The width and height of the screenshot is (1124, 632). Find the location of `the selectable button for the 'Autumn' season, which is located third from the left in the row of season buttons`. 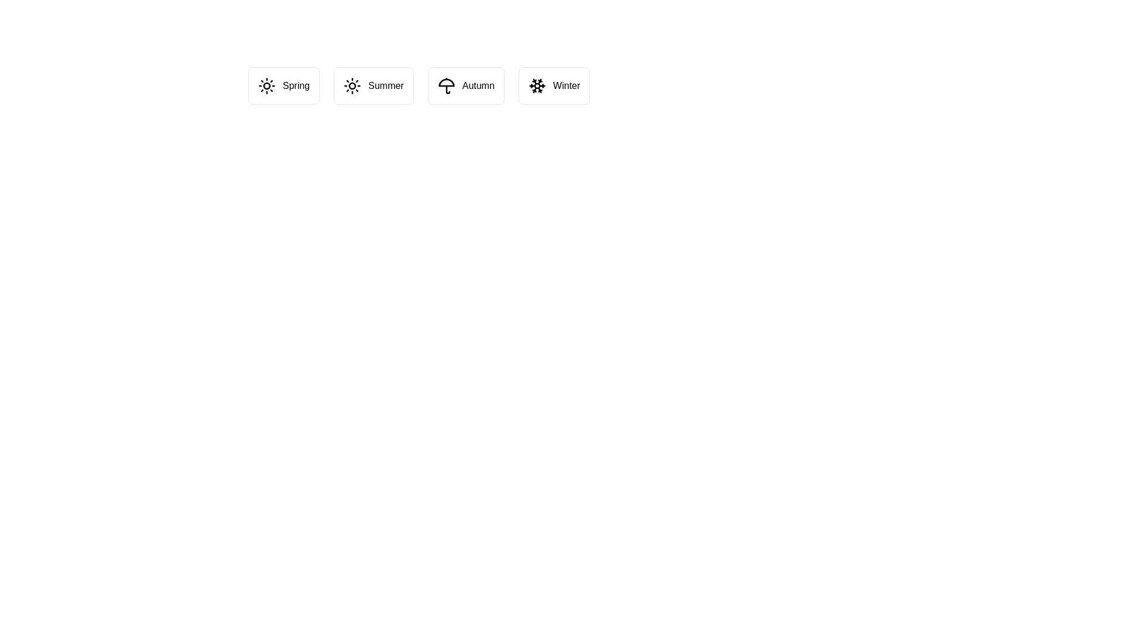

the selectable button for the 'Autumn' season, which is located third from the left in the row of season buttons is located at coordinates (465, 85).